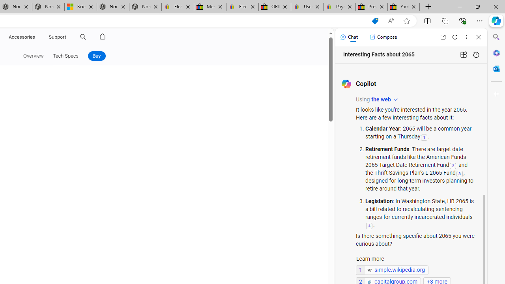 This screenshot has height=284, width=505. Describe the element at coordinates (145, 7) in the screenshot. I see `'Nordace - FAQ'` at that location.